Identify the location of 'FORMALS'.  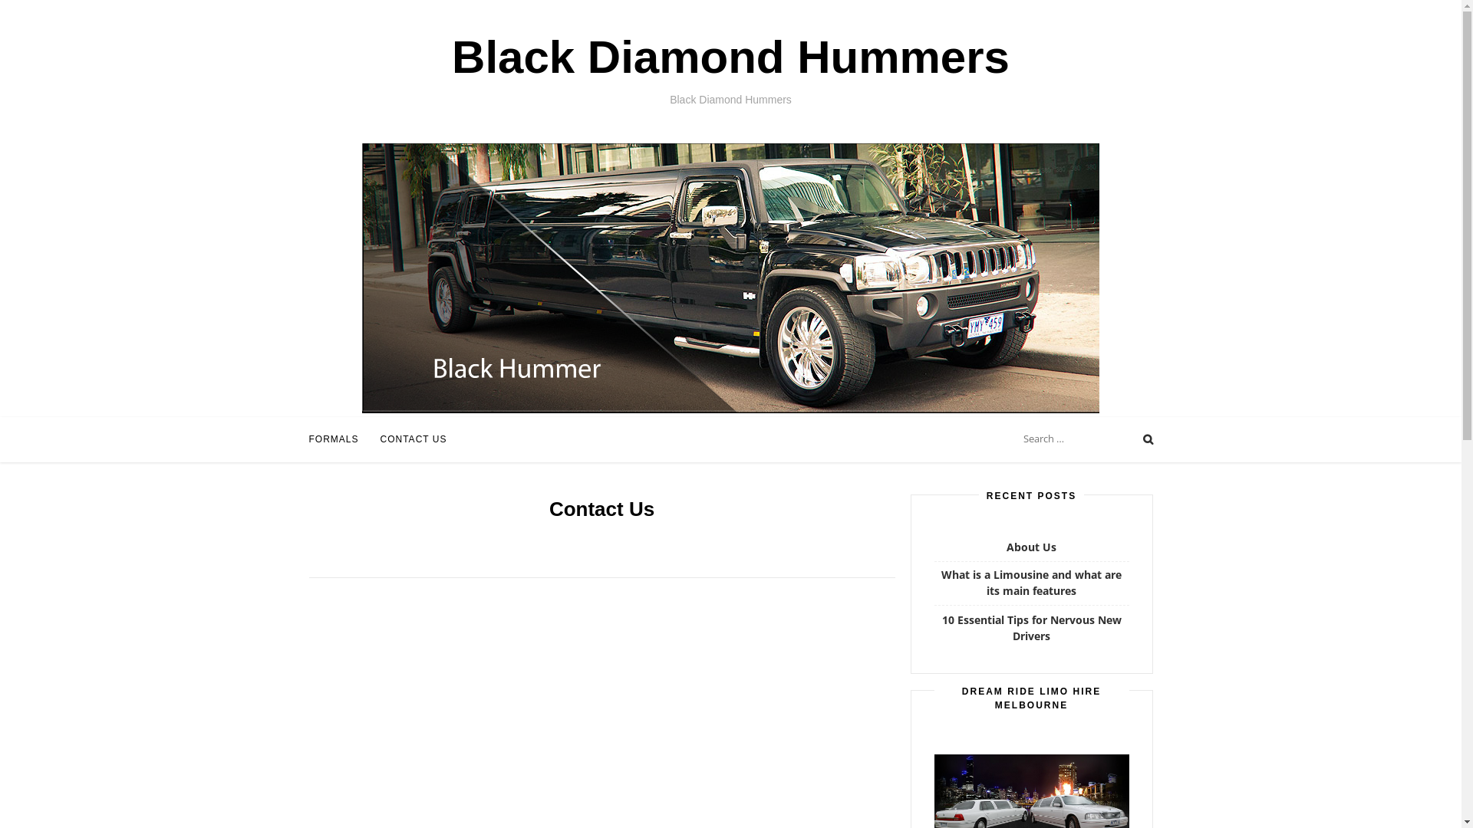
(332, 439).